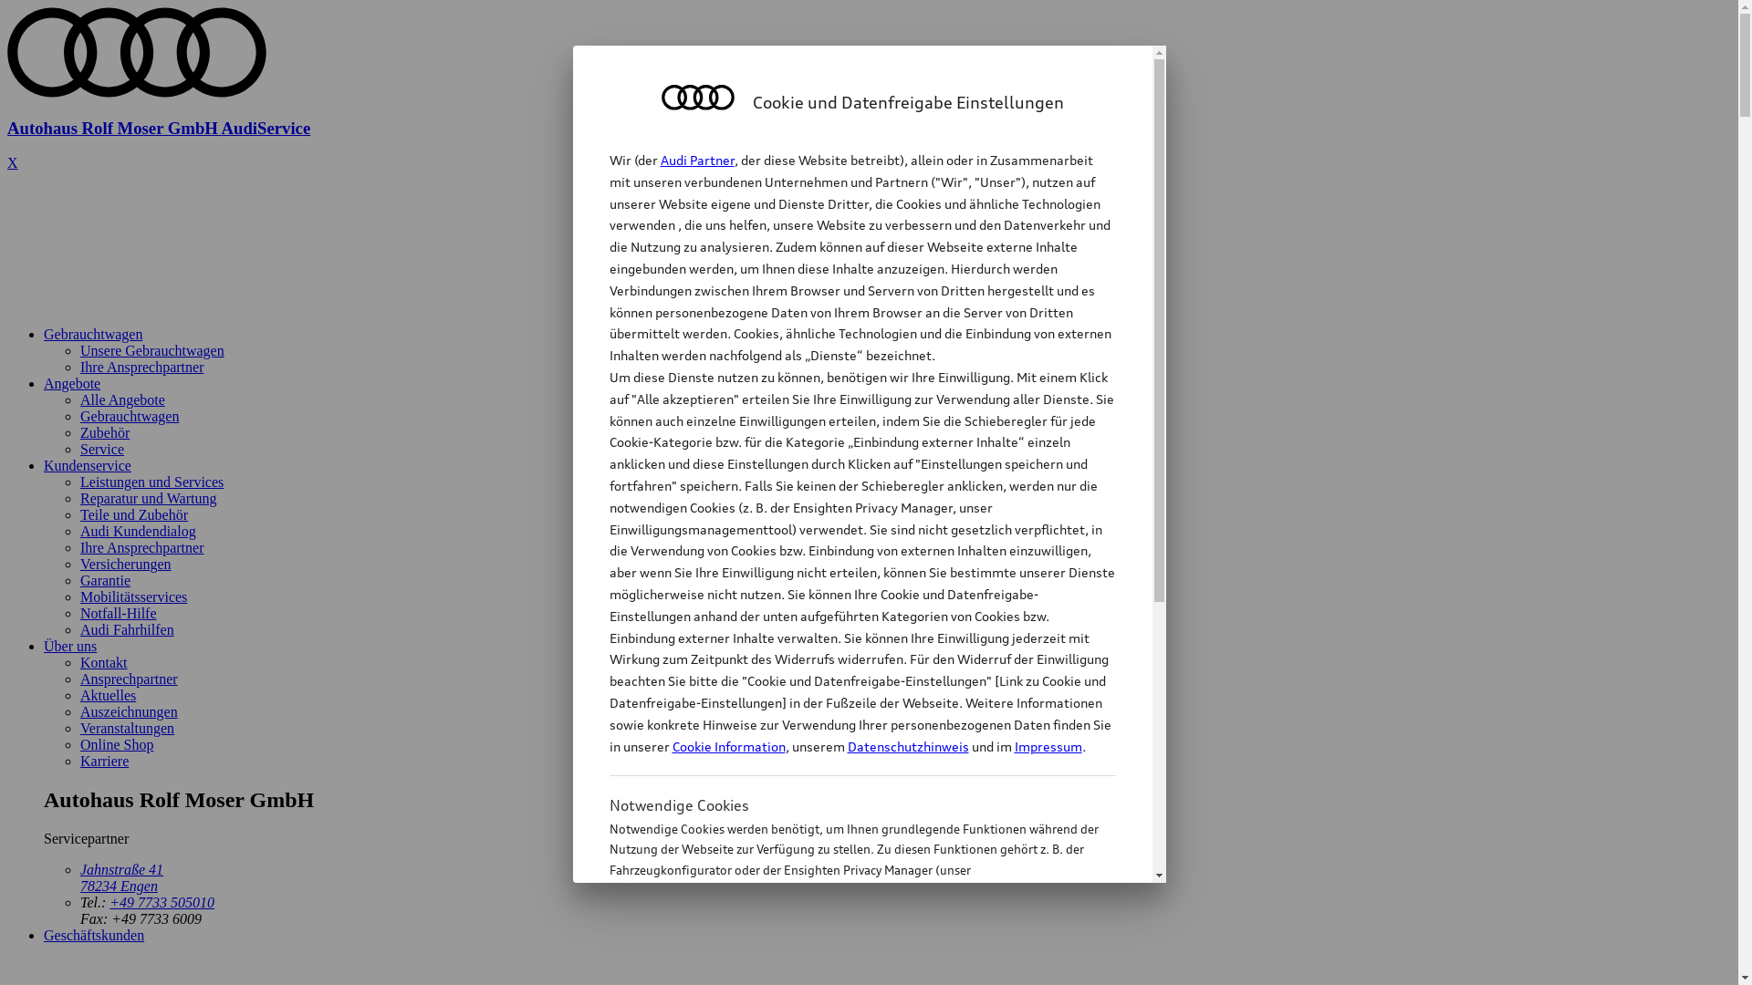  Describe the element at coordinates (78, 695) in the screenshot. I see `'Aktuelles'` at that location.